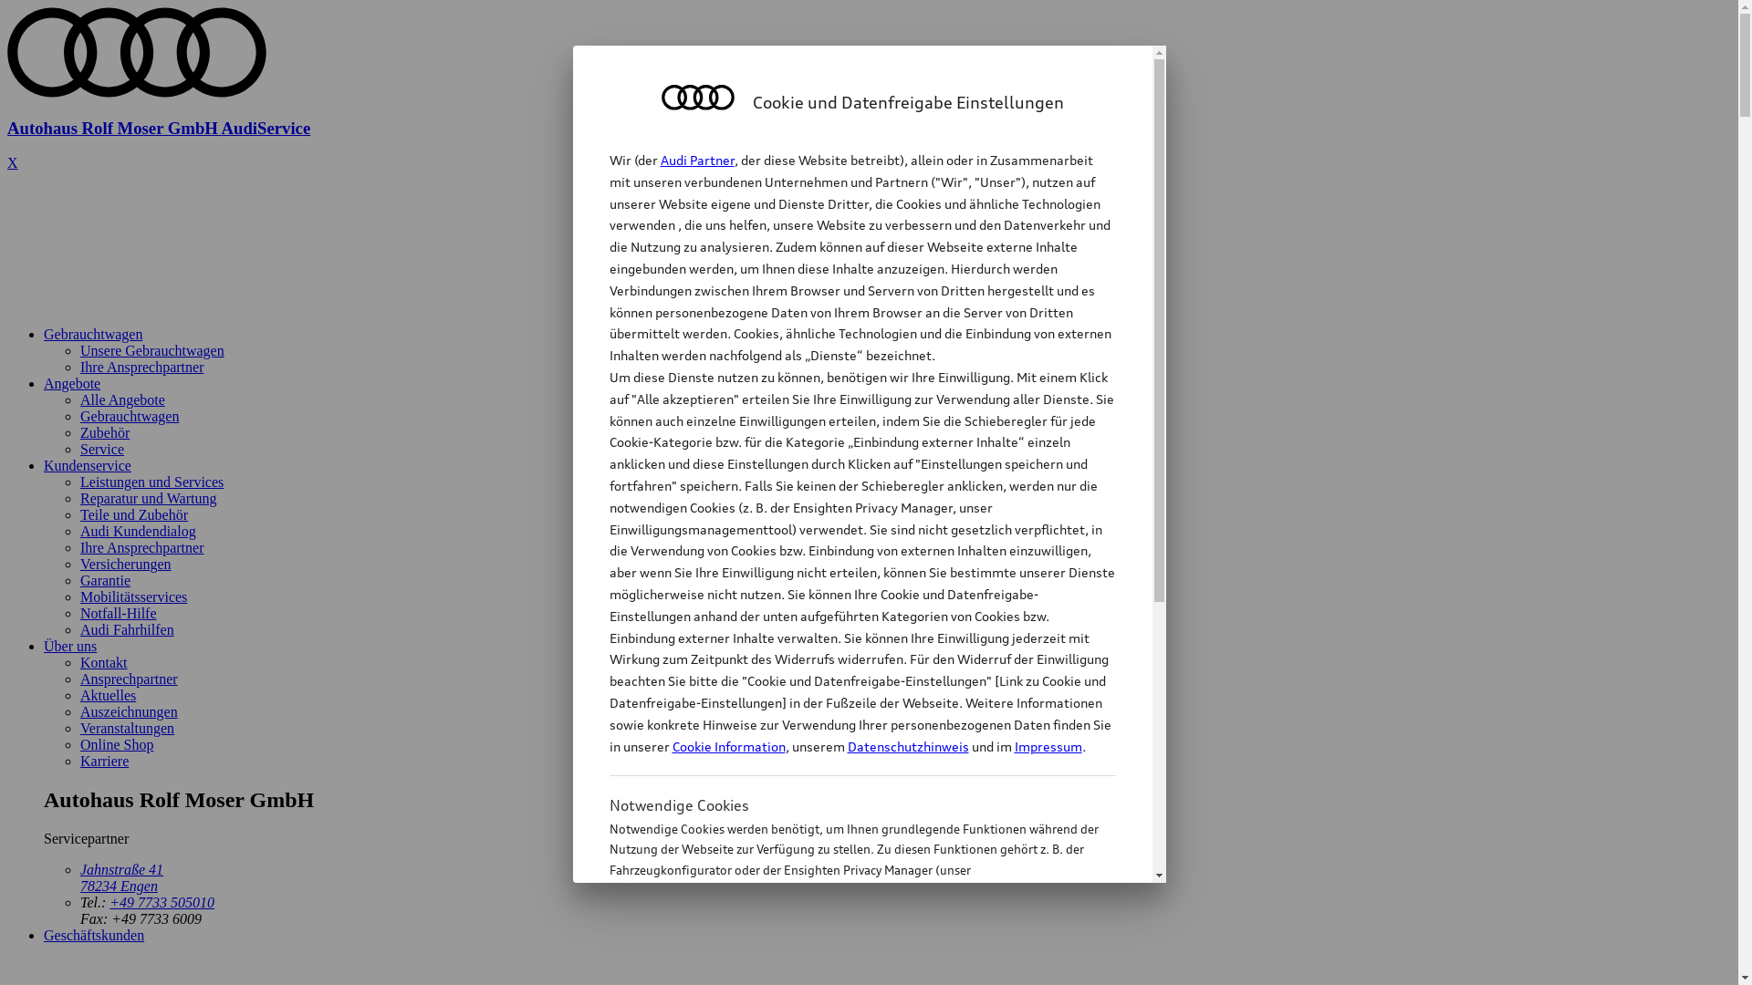  Describe the element at coordinates (78, 695) in the screenshot. I see `'Aktuelles'` at that location.